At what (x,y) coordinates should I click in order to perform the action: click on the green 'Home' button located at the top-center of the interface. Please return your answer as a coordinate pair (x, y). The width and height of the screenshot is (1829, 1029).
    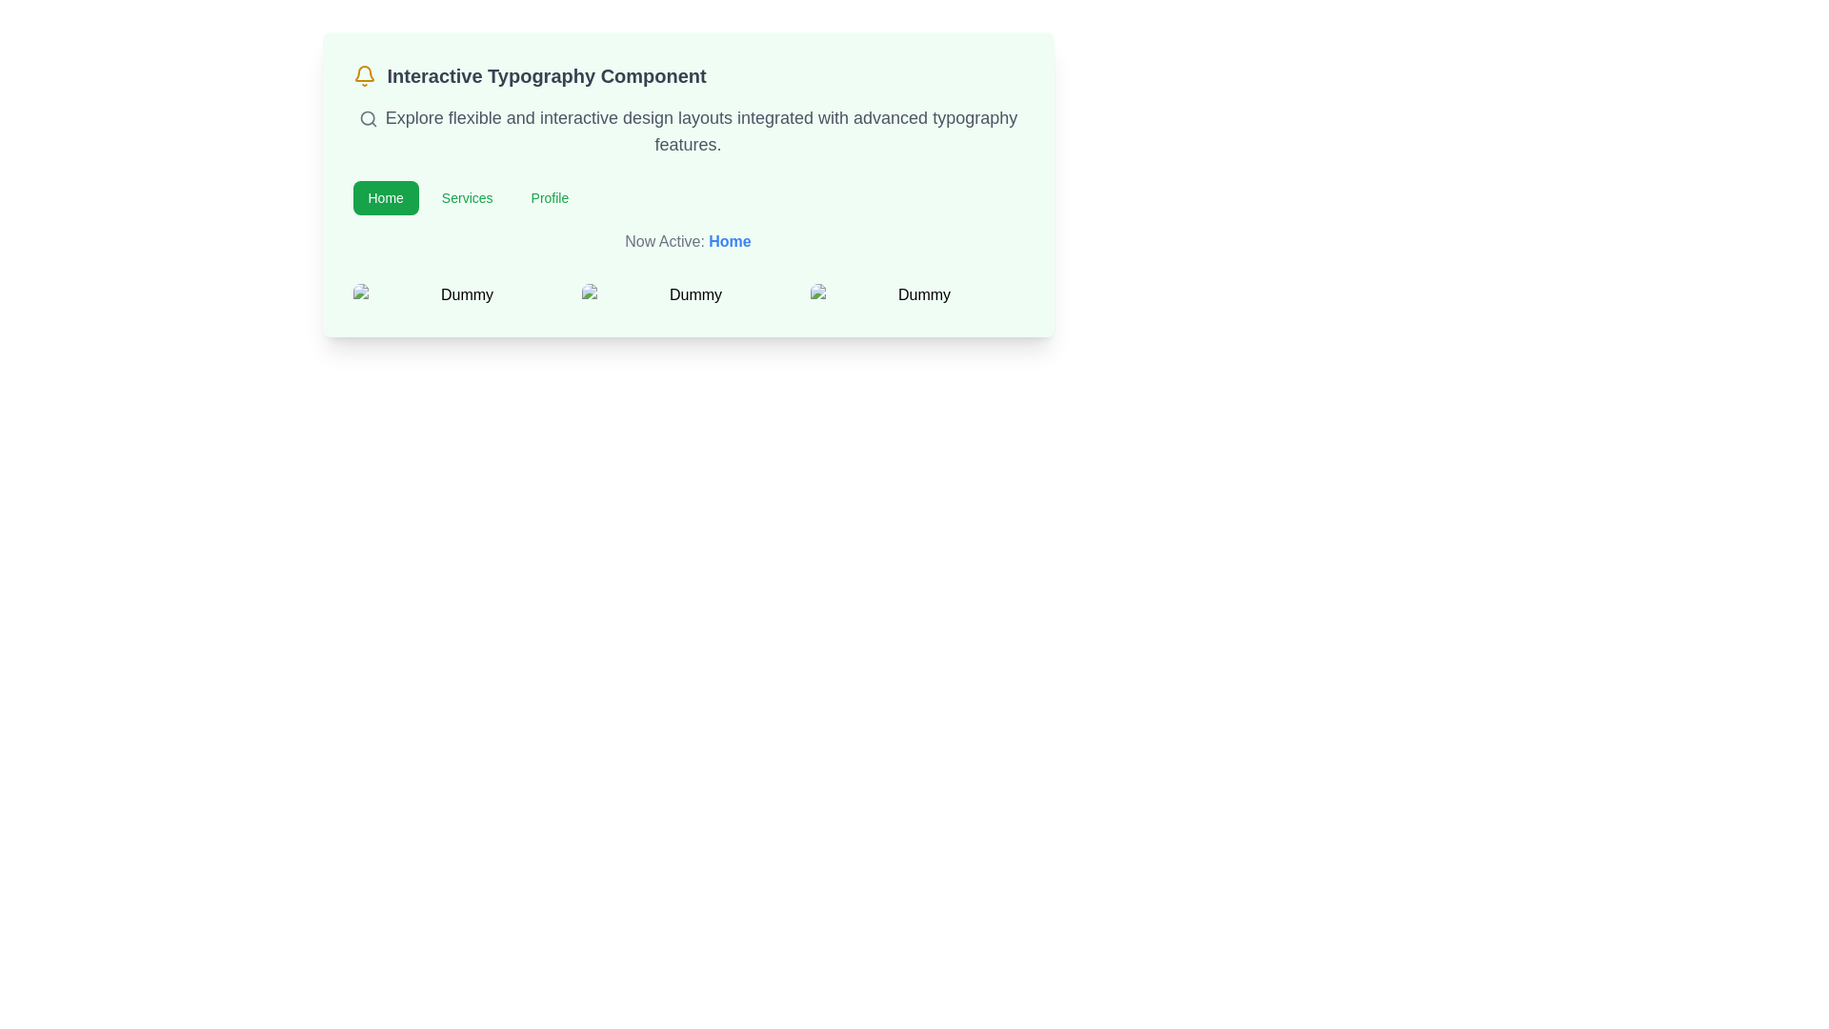
    Looking at the image, I should click on (384, 198).